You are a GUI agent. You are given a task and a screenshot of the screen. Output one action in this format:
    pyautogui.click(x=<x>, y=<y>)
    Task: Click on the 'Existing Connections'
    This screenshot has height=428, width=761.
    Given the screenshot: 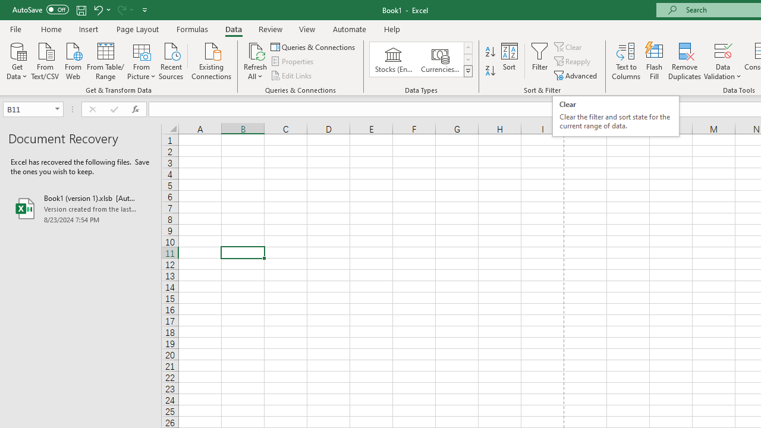 What is the action you would take?
    pyautogui.click(x=211, y=60)
    